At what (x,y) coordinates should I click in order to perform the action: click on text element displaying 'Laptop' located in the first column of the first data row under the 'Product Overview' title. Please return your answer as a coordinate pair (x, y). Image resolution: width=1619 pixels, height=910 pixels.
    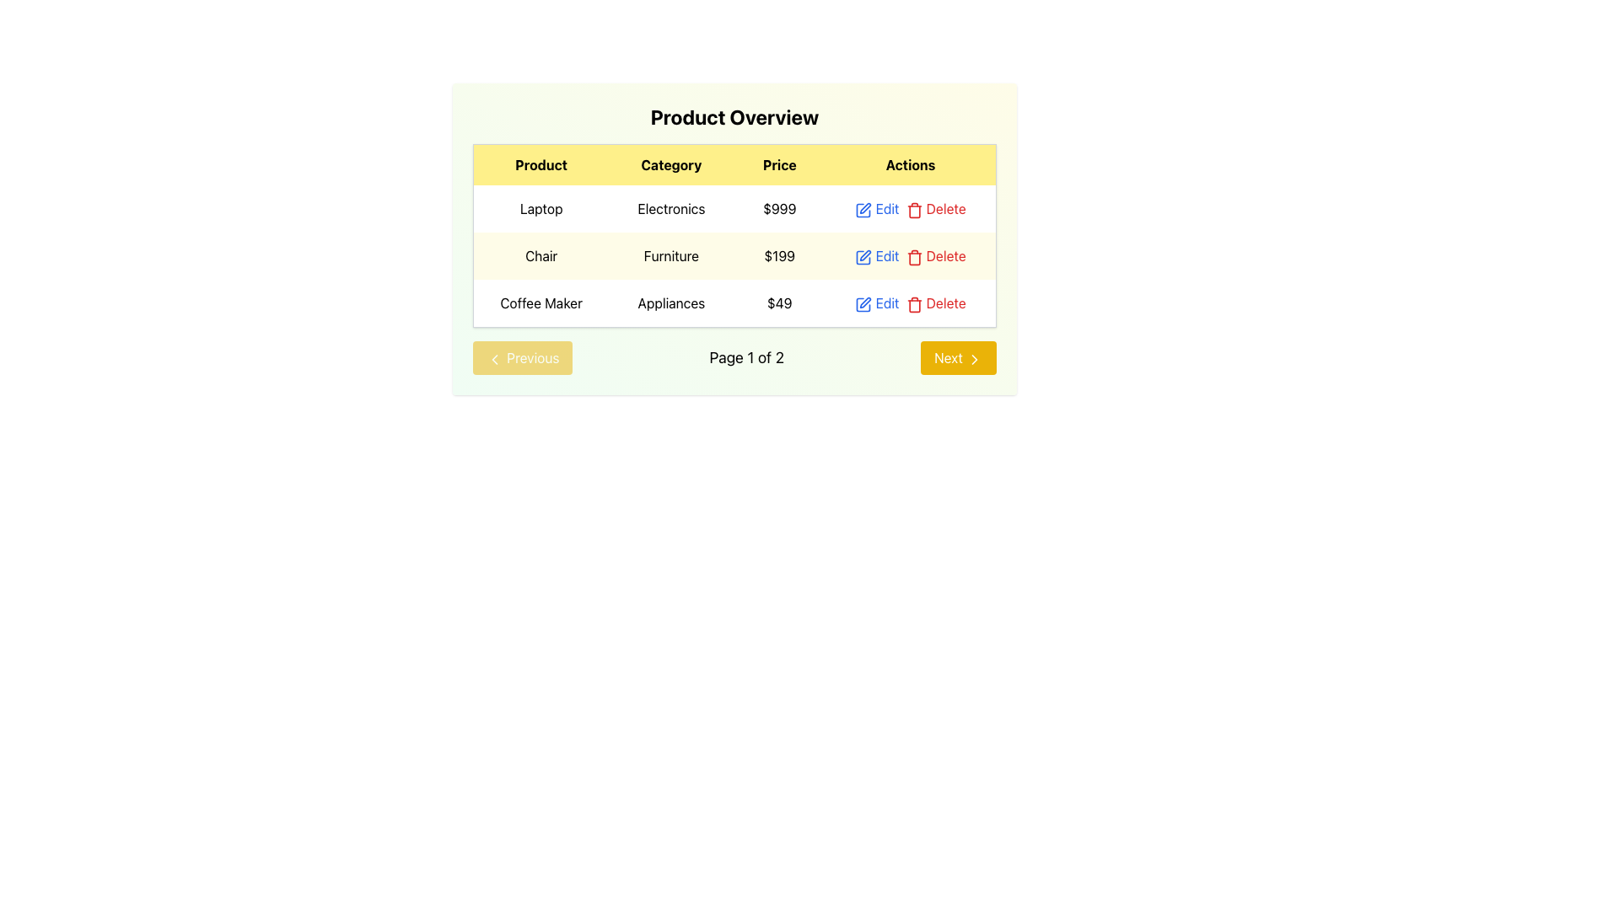
    Looking at the image, I should click on (541, 207).